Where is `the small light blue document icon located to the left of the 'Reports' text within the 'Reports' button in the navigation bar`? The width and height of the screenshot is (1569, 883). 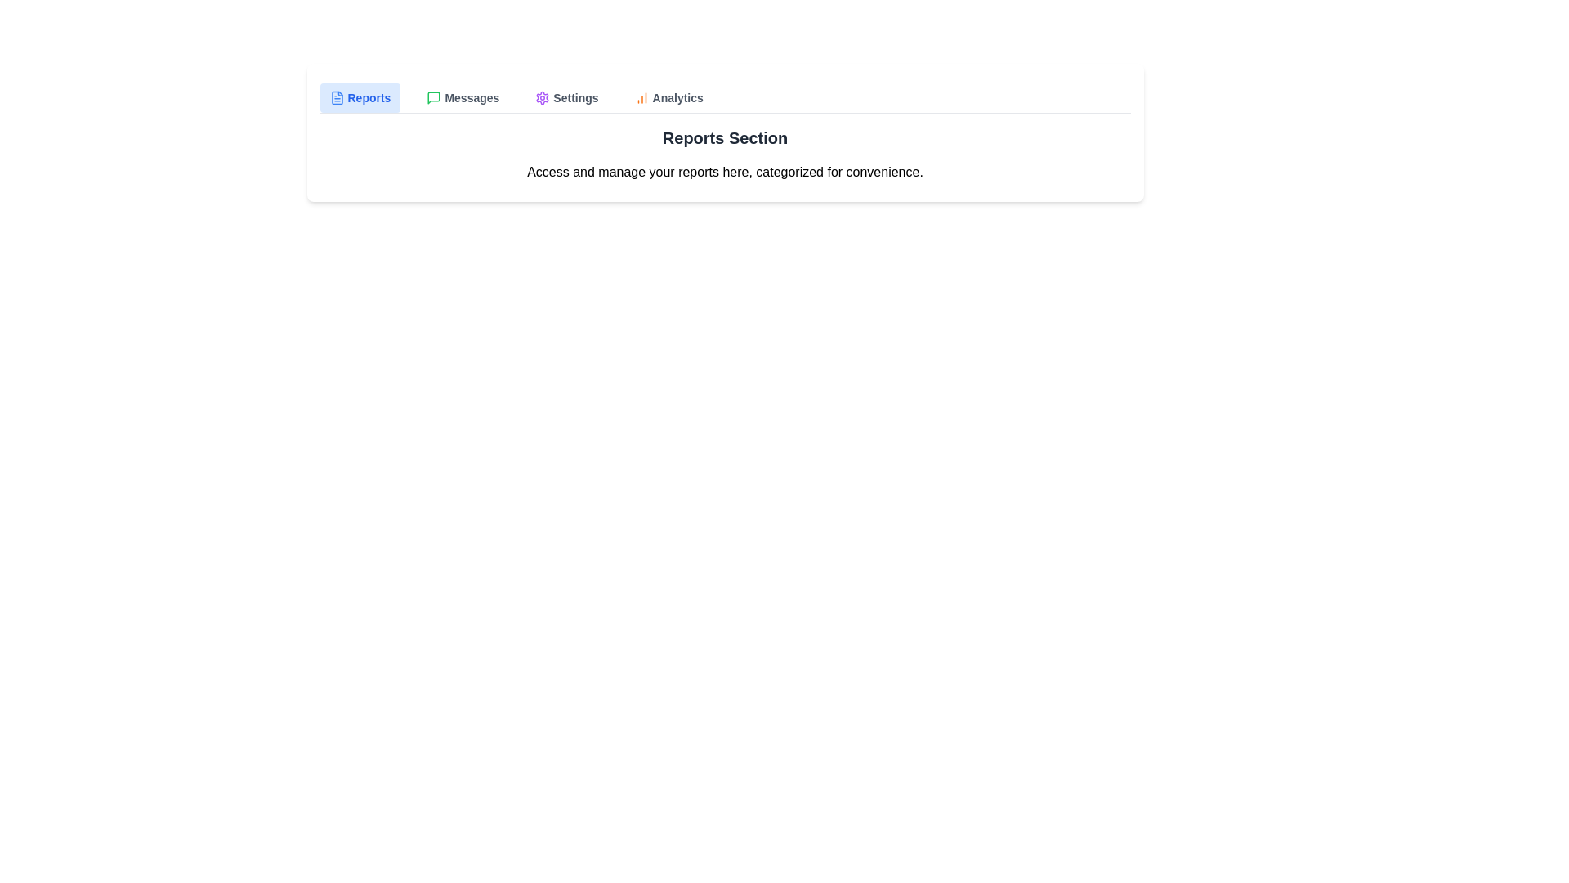 the small light blue document icon located to the left of the 'Reports' text within the 'Reports' button in the navigation bar is located at coordinates (336, 97).